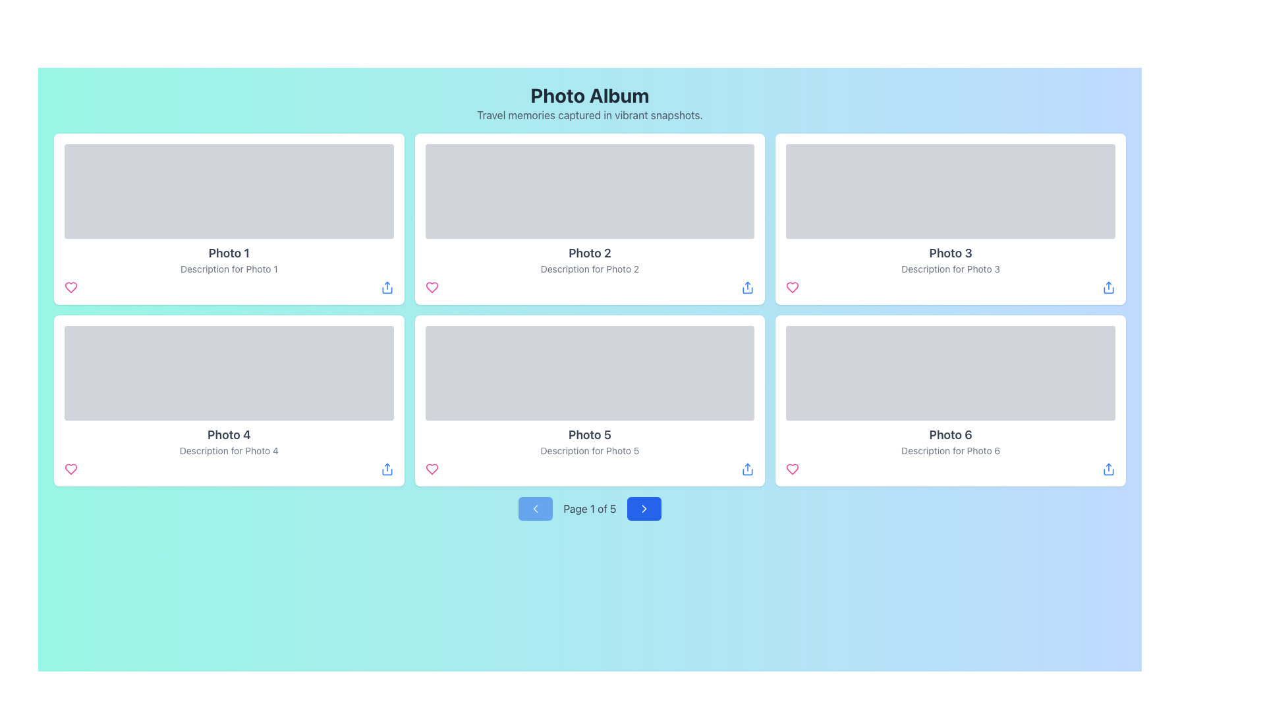  What do you see at coordinates (386, 469) in the screenshot?
I see `the Share button icon, which is a blue interactive icon resembling a share symbol located at the bottom right corner of the 'Photo 4' card in the grid layout` at bounding box center [386, 469].